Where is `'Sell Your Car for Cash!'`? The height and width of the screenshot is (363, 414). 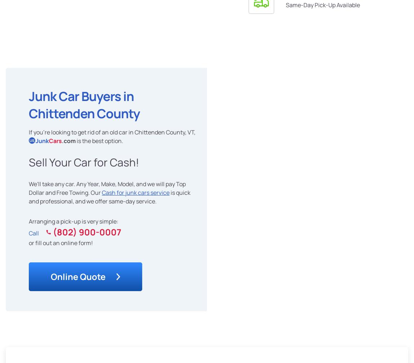 'Sell Your Car for Cash!' is located at coordinates (83, 162).